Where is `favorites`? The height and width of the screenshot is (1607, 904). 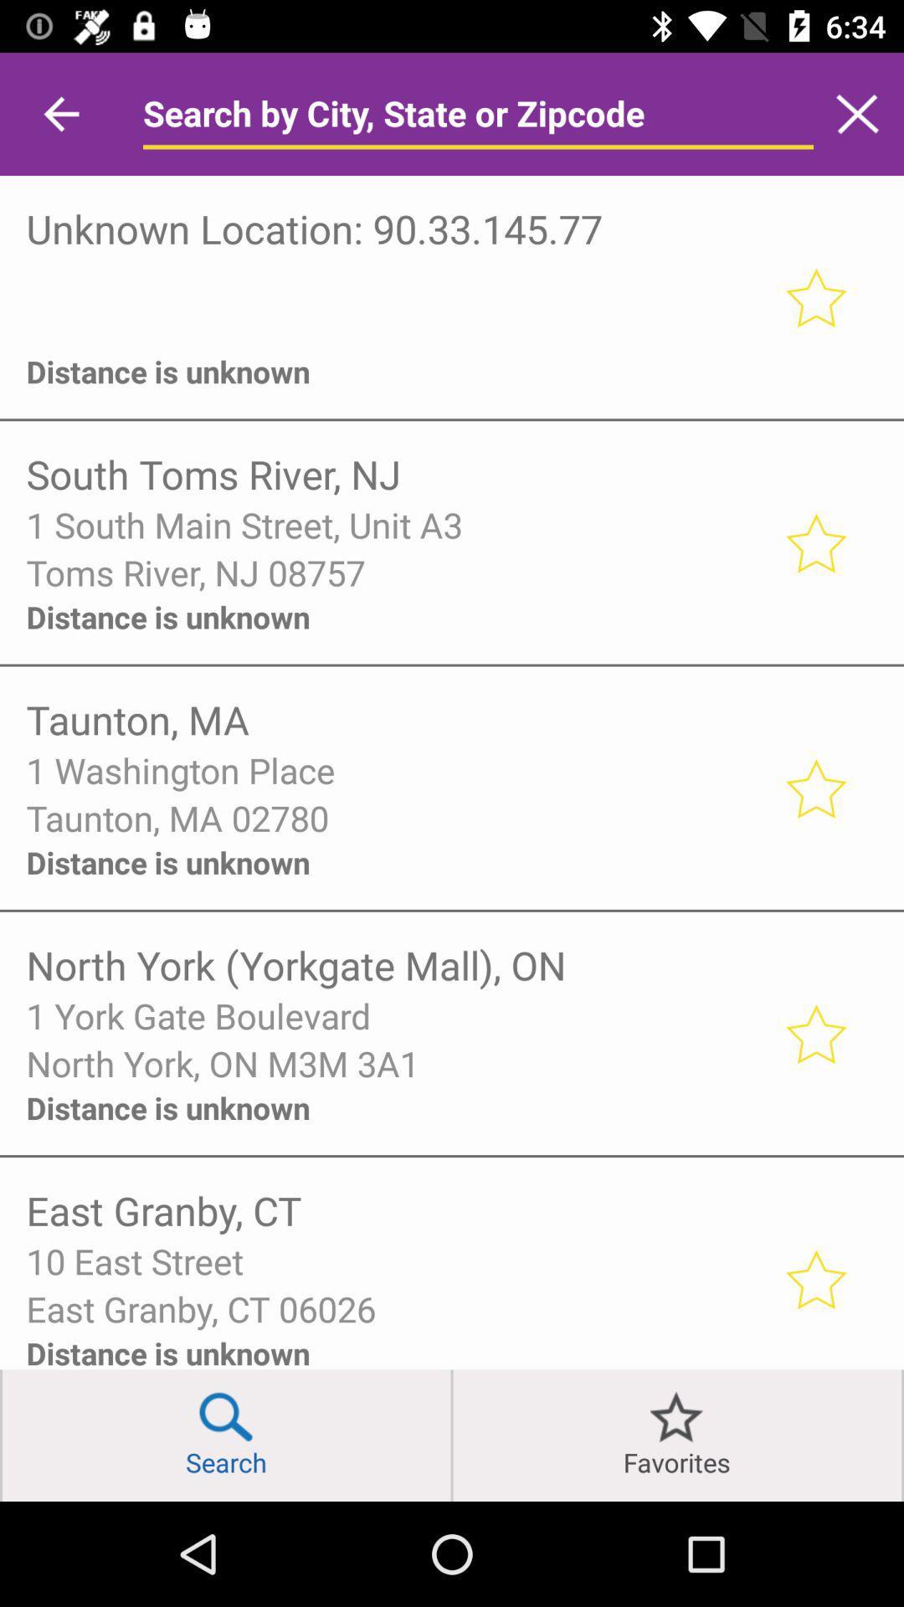 favorites is located at coordinates (814, 542).